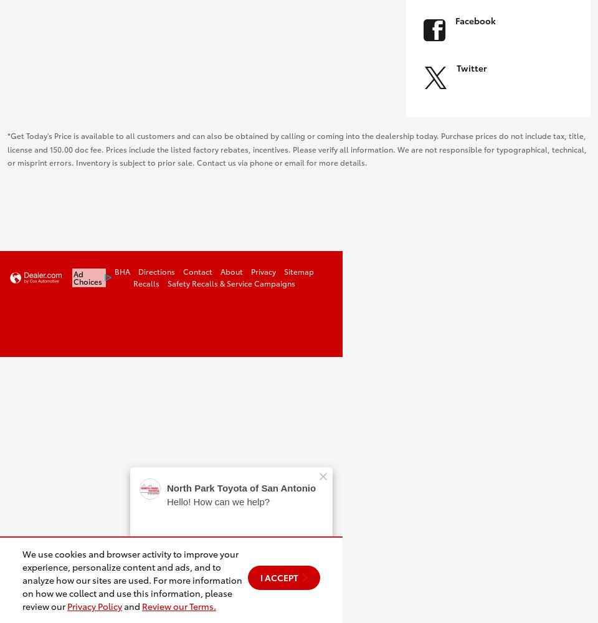  Describe the element at coordinates (156, 271) in the screenshot. I see `'Directions'` at that location.